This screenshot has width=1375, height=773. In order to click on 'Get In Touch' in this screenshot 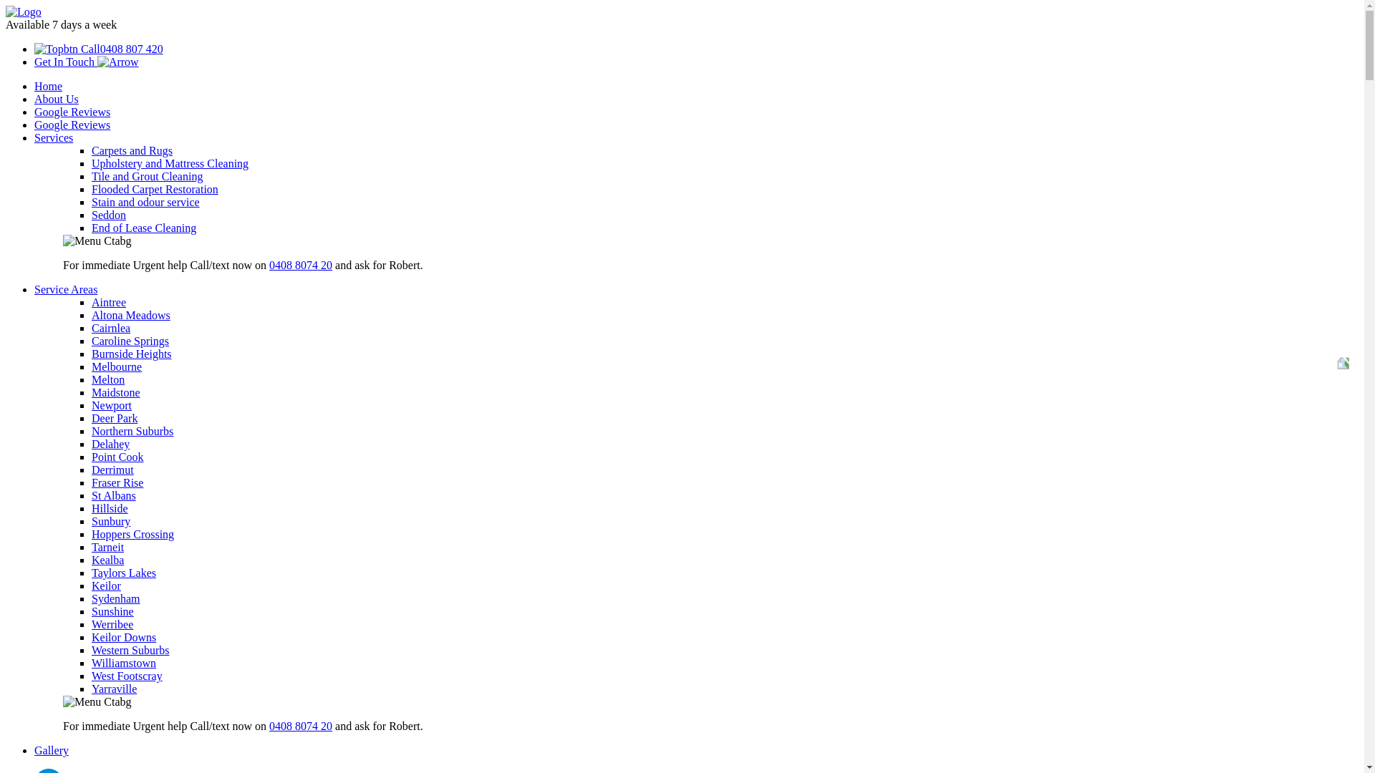, I will do `click(85, 61)`.